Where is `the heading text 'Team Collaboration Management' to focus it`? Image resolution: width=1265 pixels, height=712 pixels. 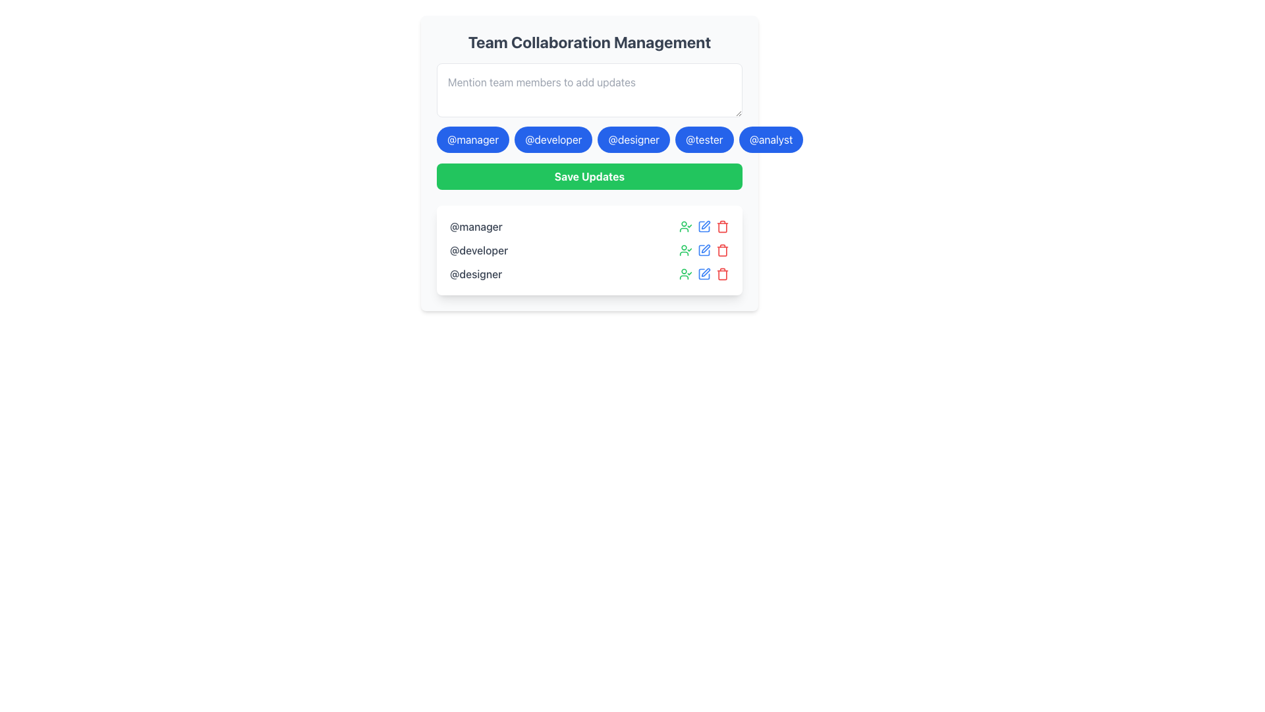
the heading text 'Team Collaboration Management' to focus it is located at coordinates (588, 42).